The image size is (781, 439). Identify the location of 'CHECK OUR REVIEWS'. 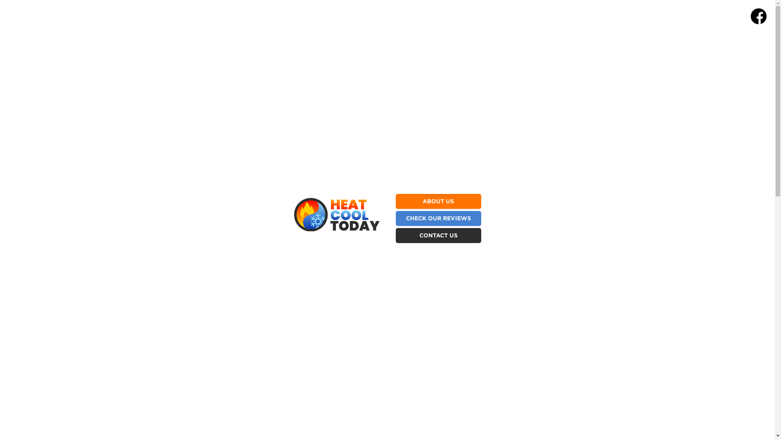
(438, 217).